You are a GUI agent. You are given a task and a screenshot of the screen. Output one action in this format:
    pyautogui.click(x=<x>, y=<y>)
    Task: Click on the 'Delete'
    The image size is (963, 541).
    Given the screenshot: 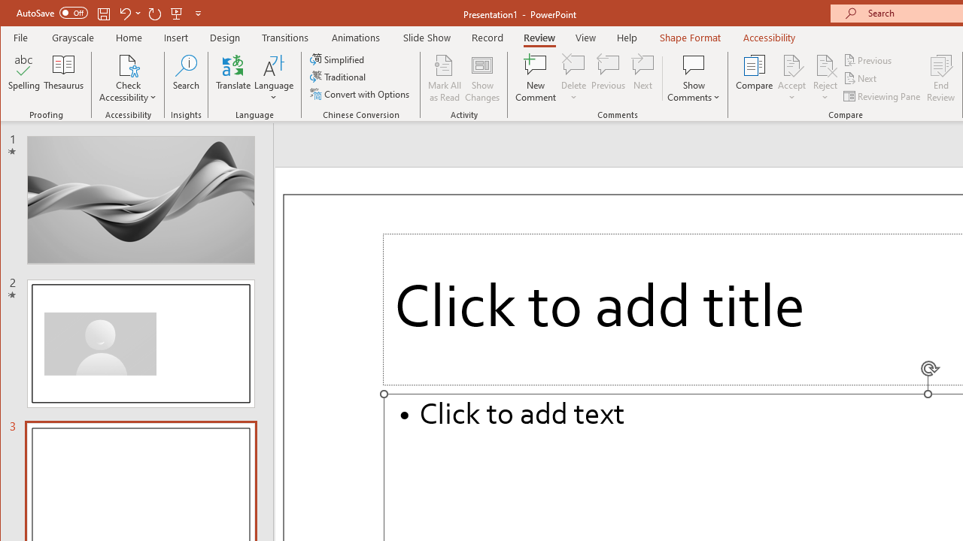 What is the action you would take?
    pyautogui.click(x=573, y=64)
    